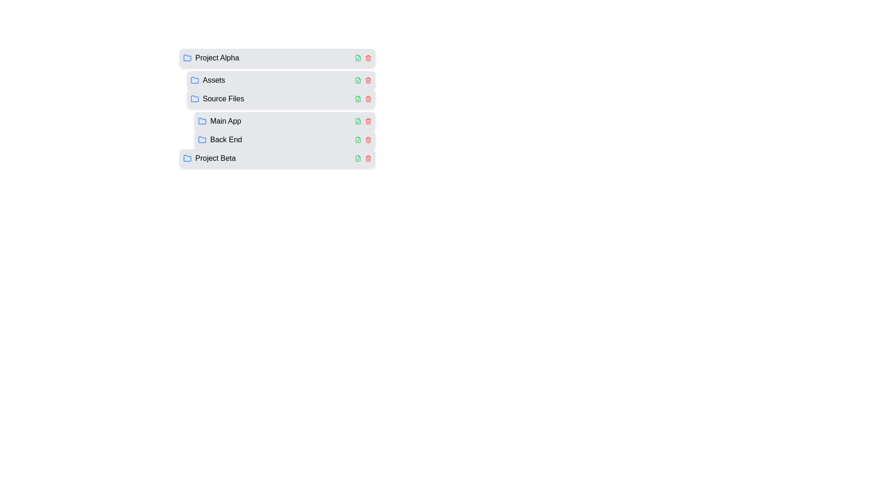  What do you see at coordinates (280, 121) in the screenshot?
I see `the third folder item in the vertical list` at bounding box center [280, 121].